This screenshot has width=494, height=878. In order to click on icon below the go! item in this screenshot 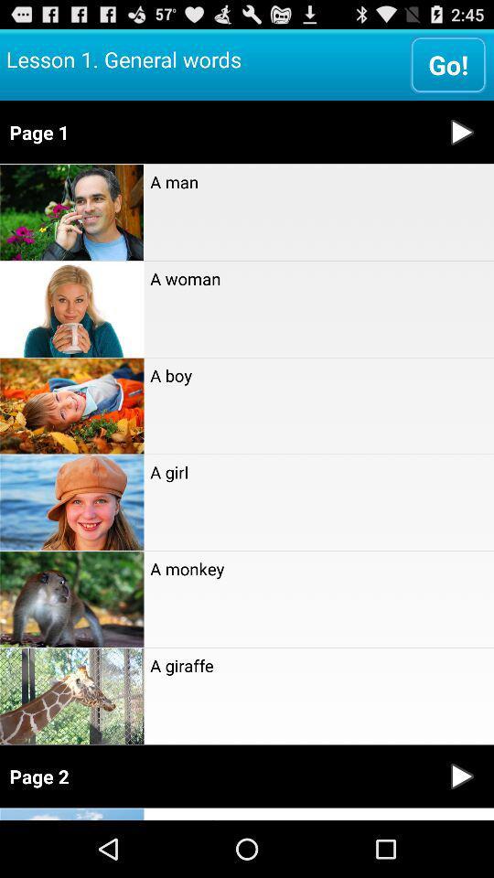, I will do `click(214, 131)`.